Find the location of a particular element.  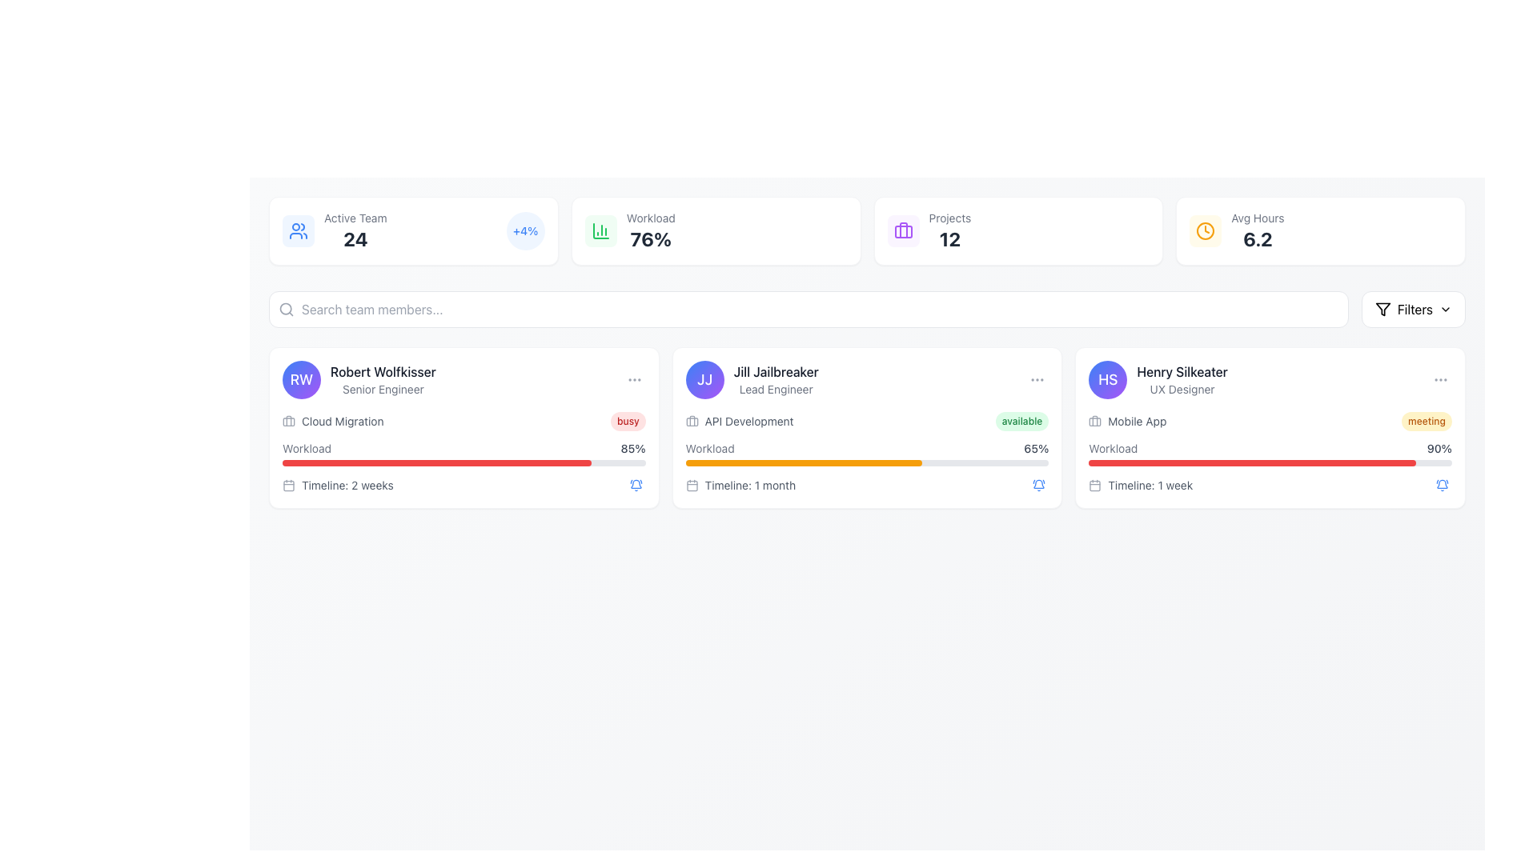

the progress visually by interacting with the progress bar representing 'Henry Silkeater's workload, which is displayed below the text 'Workload' and '90%' in the rightmost section of the three-person cards is located at coordinates (1270, 462).